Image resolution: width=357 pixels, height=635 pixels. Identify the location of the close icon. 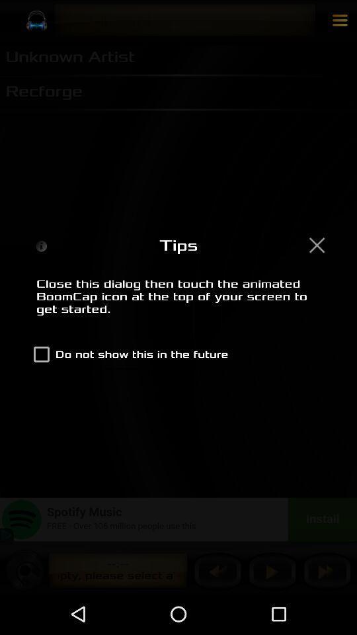
(316, 244).